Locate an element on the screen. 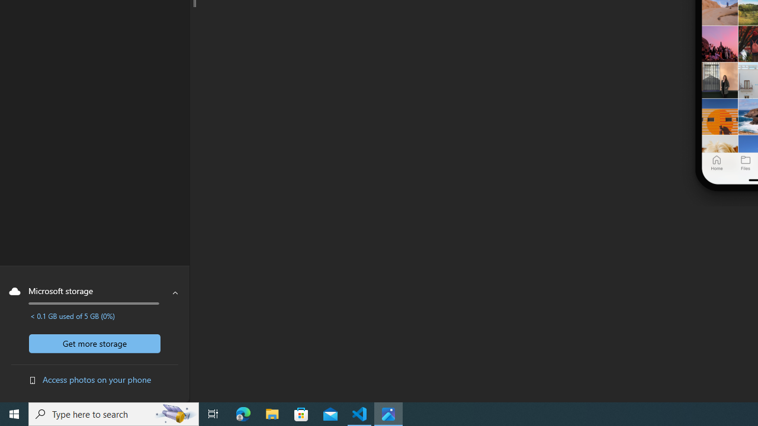 Image resolution: width=758 pixels, height=426 pixels. 'File Explorer' is located at coordinates (272, 413).